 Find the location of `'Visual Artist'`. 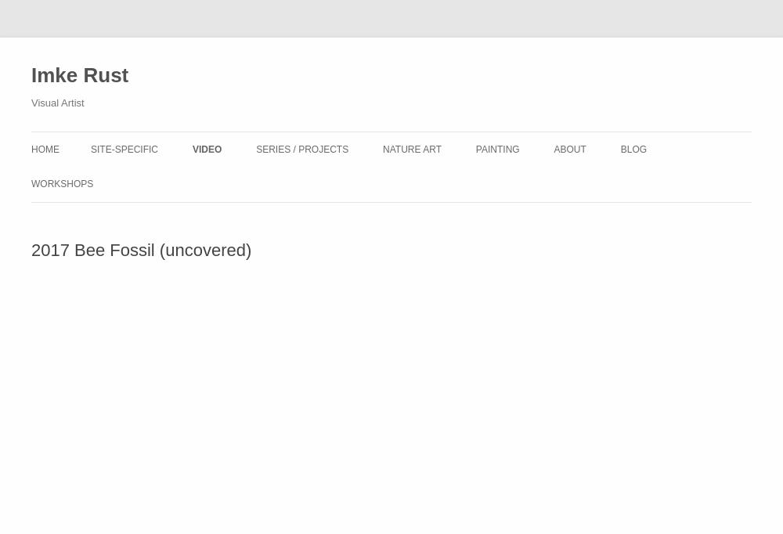

'Visual Artist' is located at coordinates (56, 103).